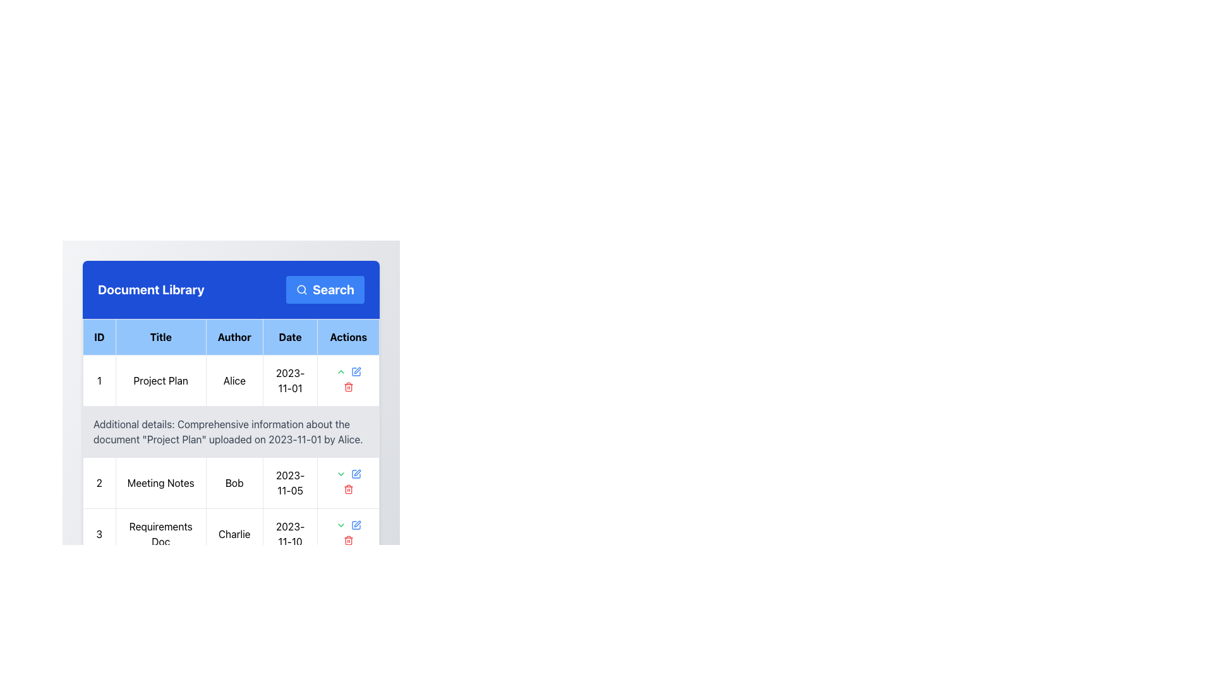 The height and width of the screenshot is (682, 1213). Describe the element at coordinates (99, 482) in the screenshot. I see `the content of the ID cell in the second row of the table that contains 'Meeting Notes' if it is enabled` at that location.